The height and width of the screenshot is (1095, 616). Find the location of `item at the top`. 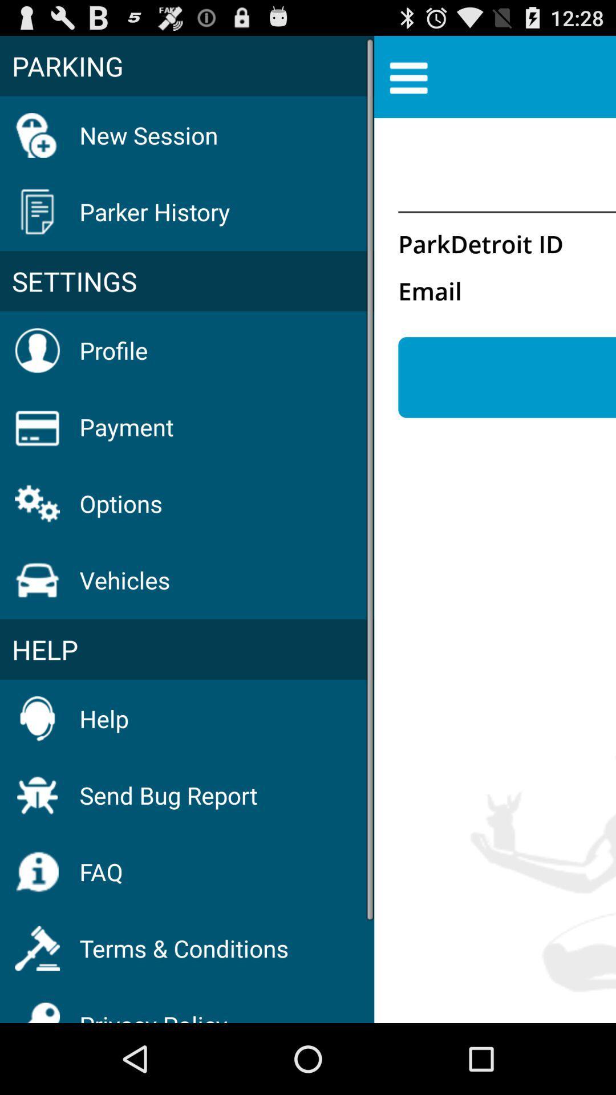

item at the top is located at coordinates (408, 76).